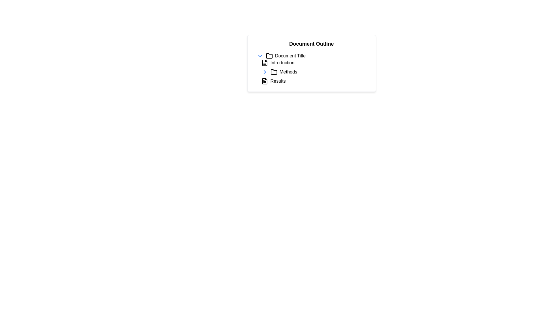  What do you see at coordinates (278, 81) in the screenshot?
I see `the Interactive Label displaying 'Results', which is centrally aligned below the 'Methods' element in the Document Outline` at bounding box center [278, 81].